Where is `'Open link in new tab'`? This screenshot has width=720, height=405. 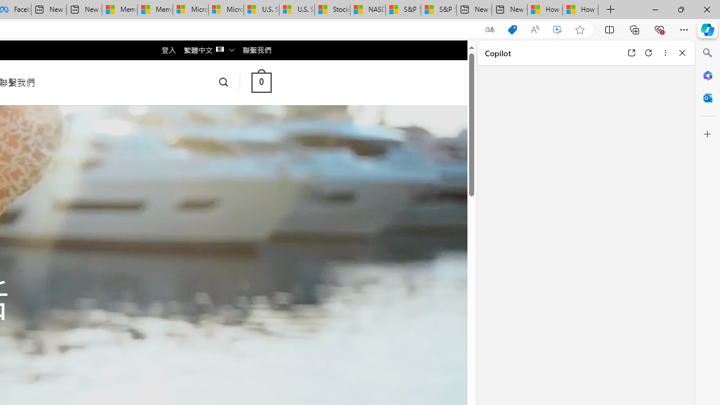
'Open link in new tab' is located at coordinates (631, 52).